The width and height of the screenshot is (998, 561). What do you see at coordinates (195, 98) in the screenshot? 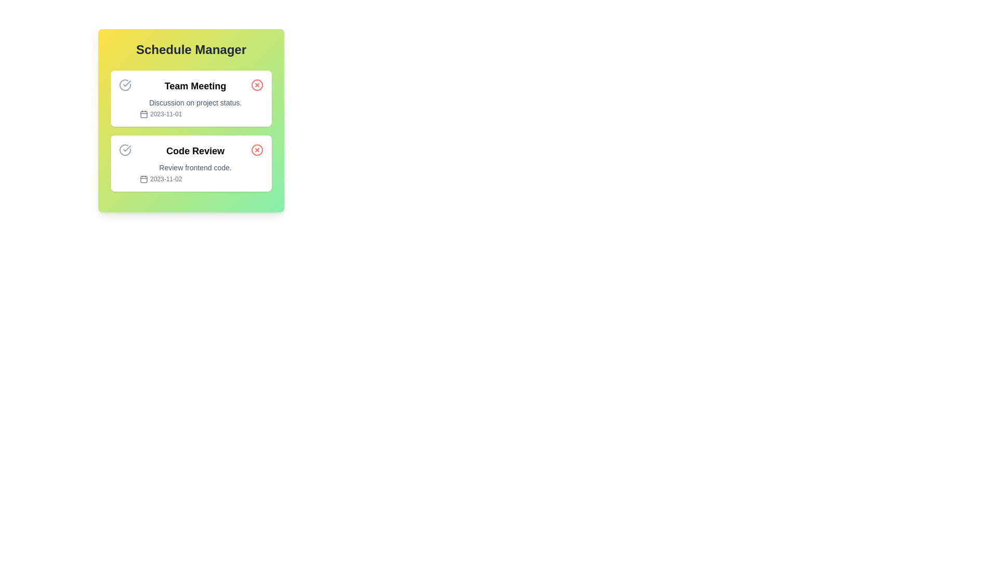
I see `the first entry in the schedule information component located under the title 'Schedule Manager'` at bounding box center [195, 98].